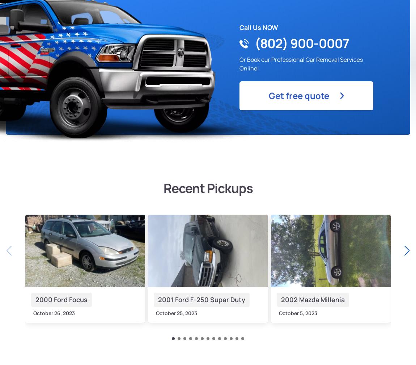 The image size is (416, 365). What do you see at coordinates (239, 27) in the screenshot?
I see `'Call Us NOW'` at bounding box center [239, 27].